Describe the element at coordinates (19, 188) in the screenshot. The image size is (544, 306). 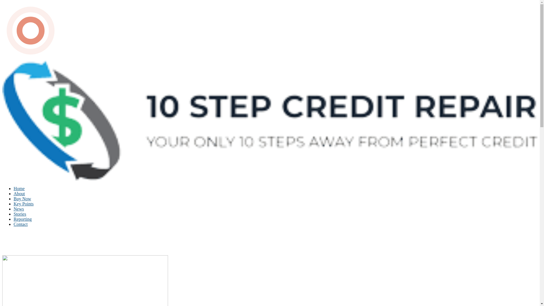
I see `'Home'` at that location.